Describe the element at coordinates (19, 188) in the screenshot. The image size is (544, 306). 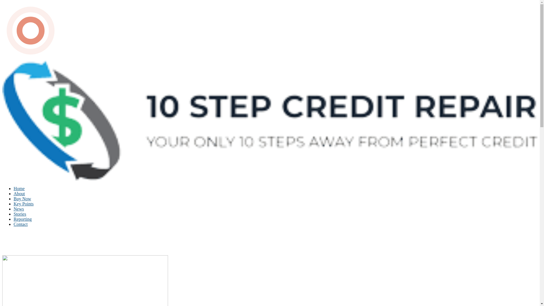
I see `'Home'` at that location.